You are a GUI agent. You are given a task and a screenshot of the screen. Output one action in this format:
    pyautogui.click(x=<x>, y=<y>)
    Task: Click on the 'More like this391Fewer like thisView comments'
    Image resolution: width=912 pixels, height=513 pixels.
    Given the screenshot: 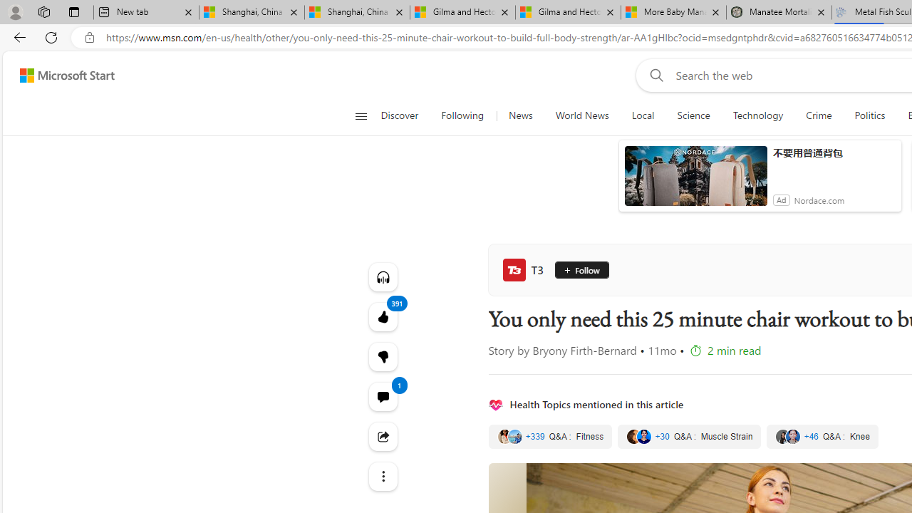 What is the action you would take?
    pyautogui.click(x=383, y=356)
    